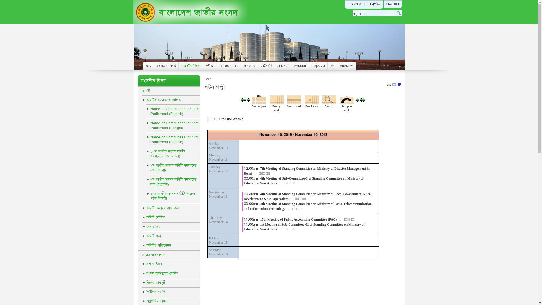  I want to click on 'Tuesday, so click(218, 169).